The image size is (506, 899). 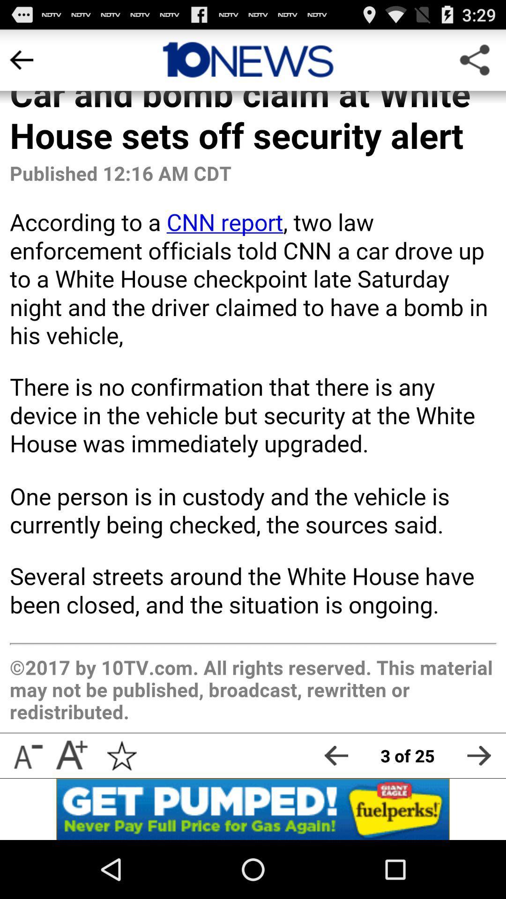 I want to click on highlight, so click(x=247, y=59).